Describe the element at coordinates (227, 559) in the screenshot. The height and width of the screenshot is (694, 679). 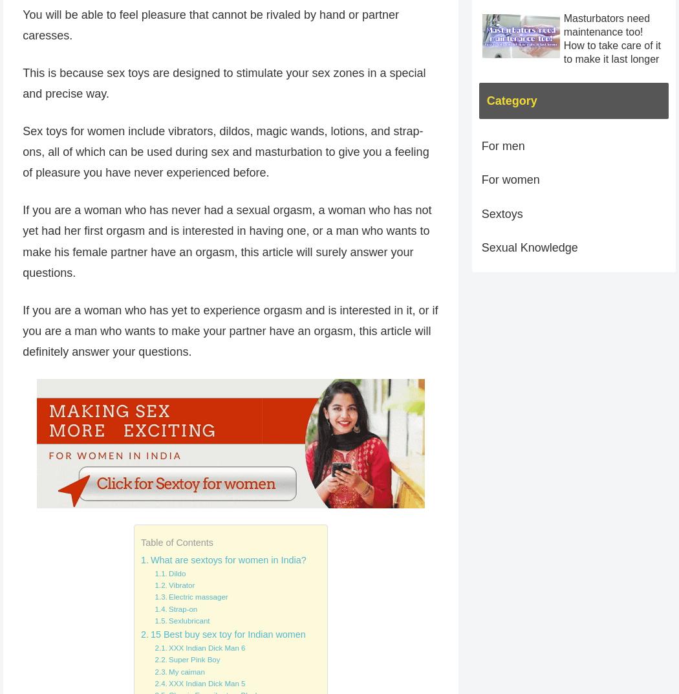
I see `'What are sextoys for women in India?'` at that location.